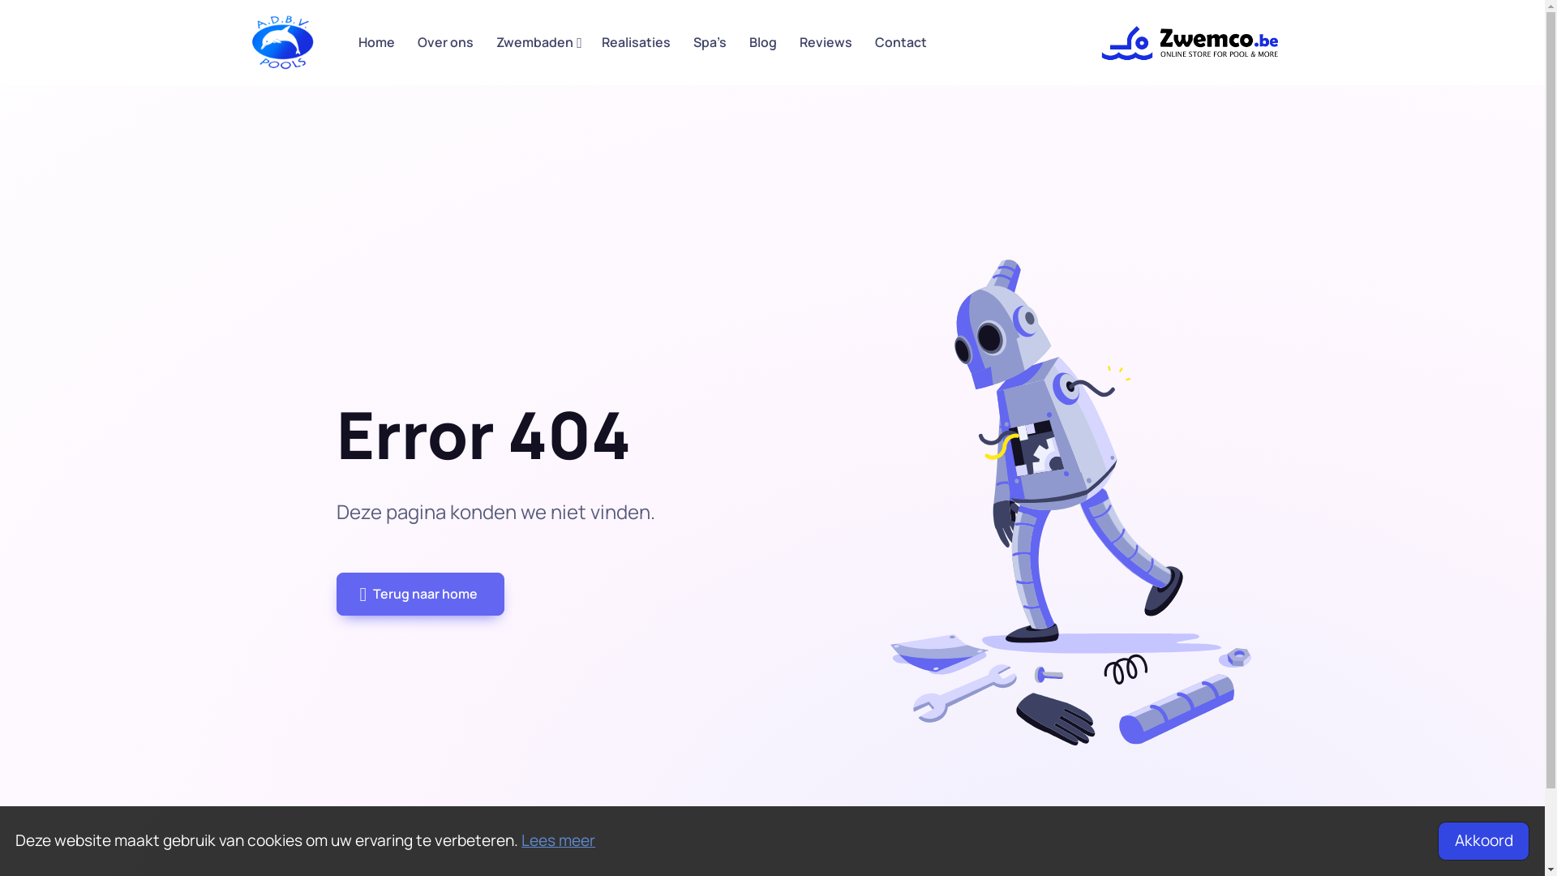 This screenshot has height=876, width=1557. What do you see at coordinates (521, 839) in the screenshot?
I see `'Lees meer'` at bounding box center [521, 839].